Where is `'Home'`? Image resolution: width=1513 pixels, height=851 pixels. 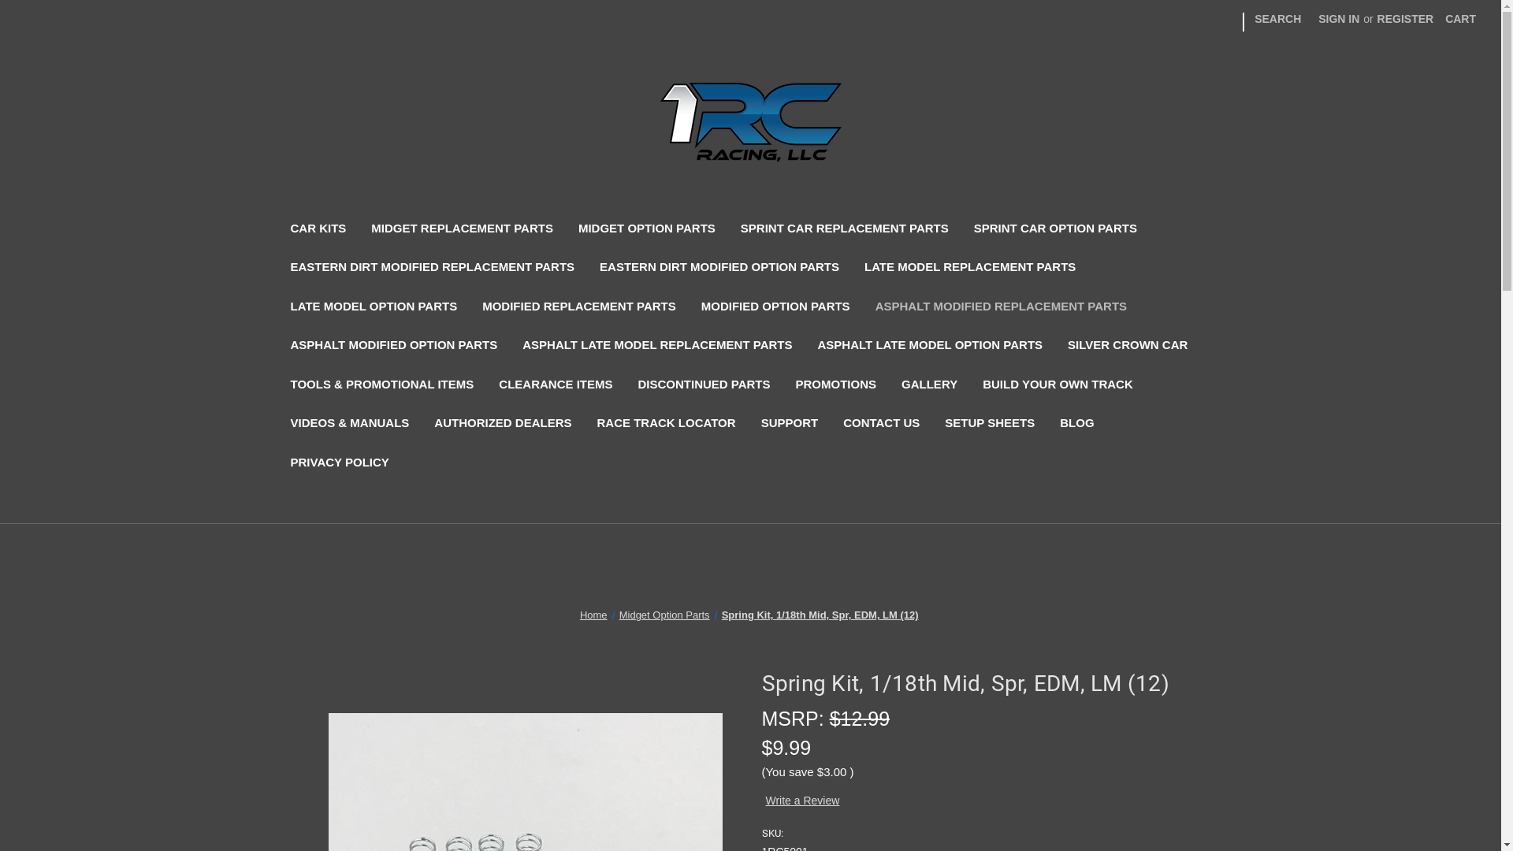 'Home' is located at coordinates (593, 614).